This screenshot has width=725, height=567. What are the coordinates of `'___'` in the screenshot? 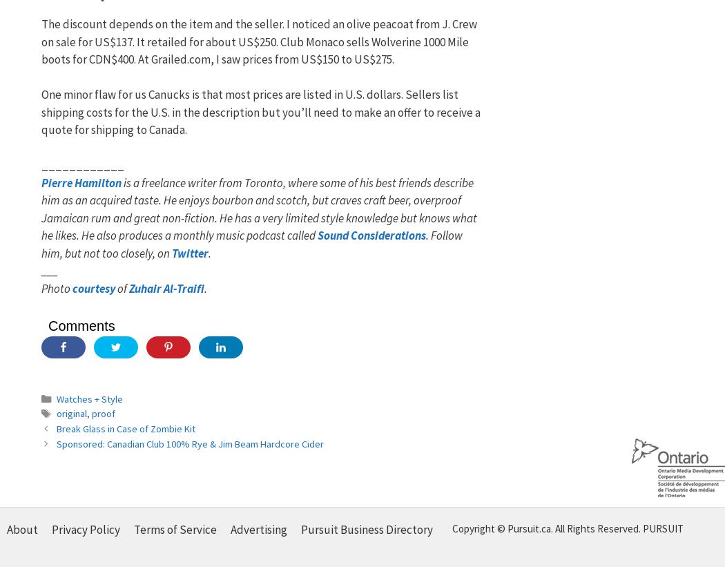 It's located at (49, 270).